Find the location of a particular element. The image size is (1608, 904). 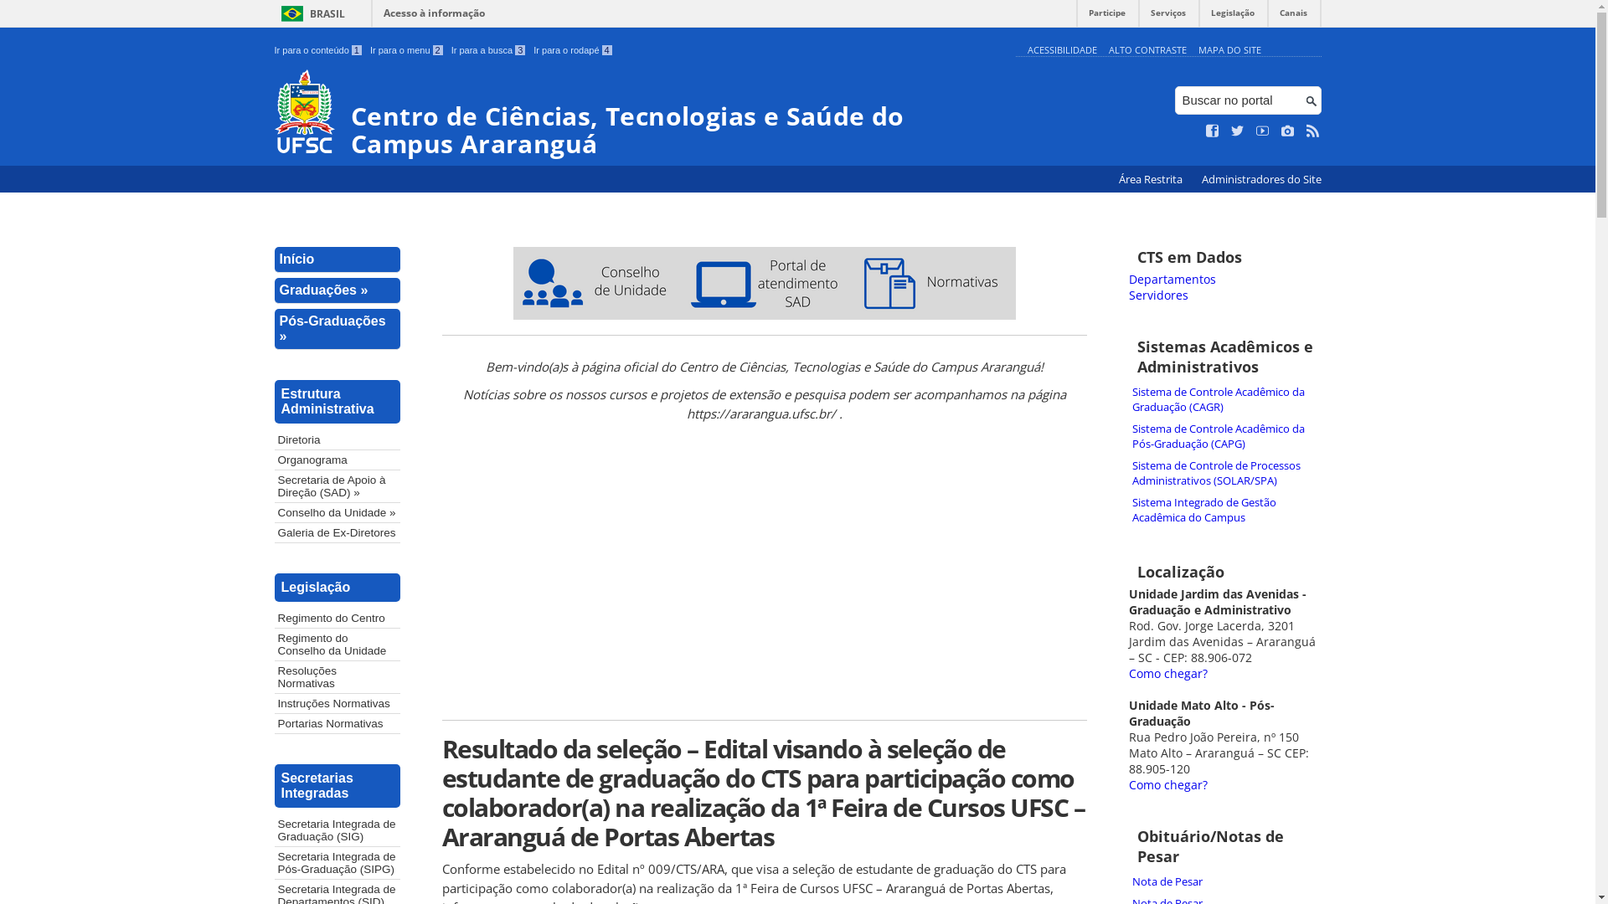

'Canais' is located at coordinates (1267, 17).